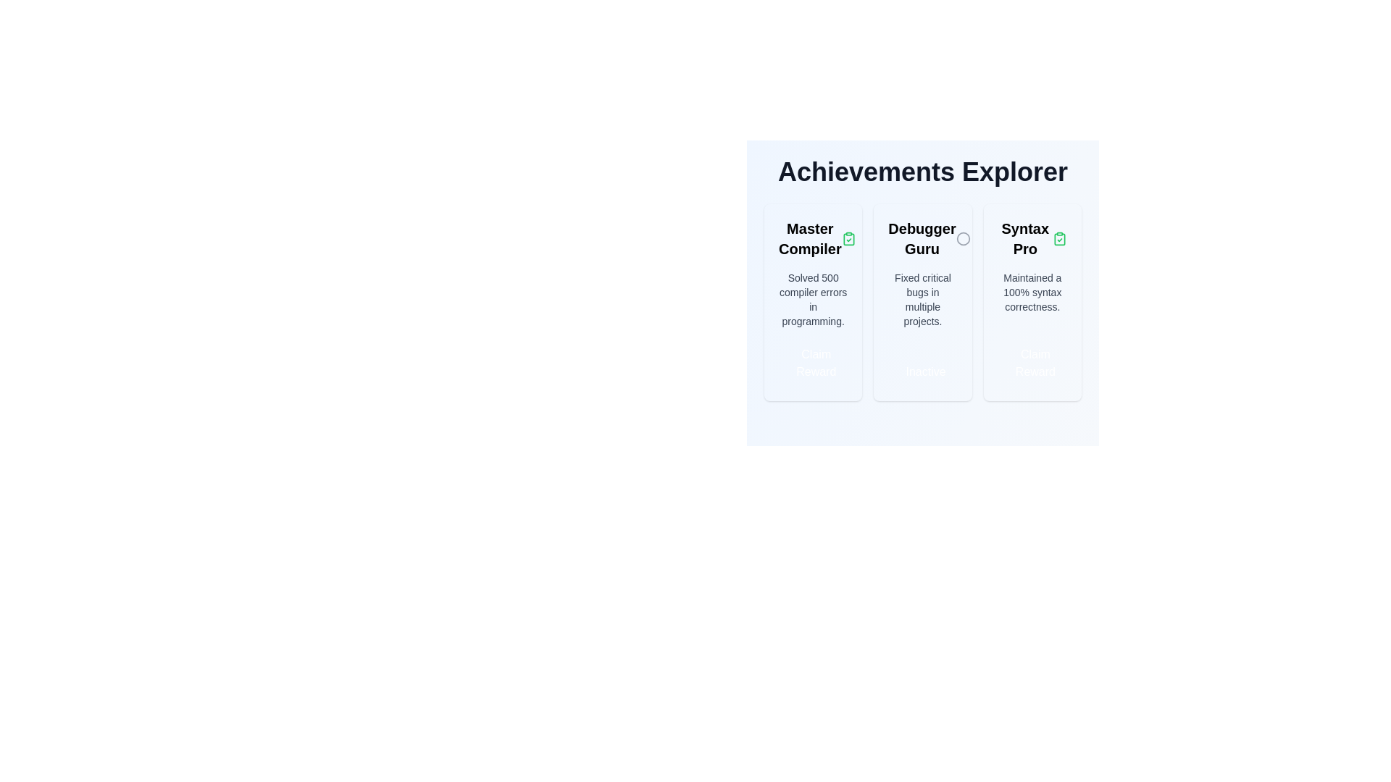  What do you see at coordinates (922, 285) in the screenshot?
I see `the 'Inactive' button on the second Interactive Card representing debugging achievements in the Achievements Explorer section` at bounding box center [922, 285].